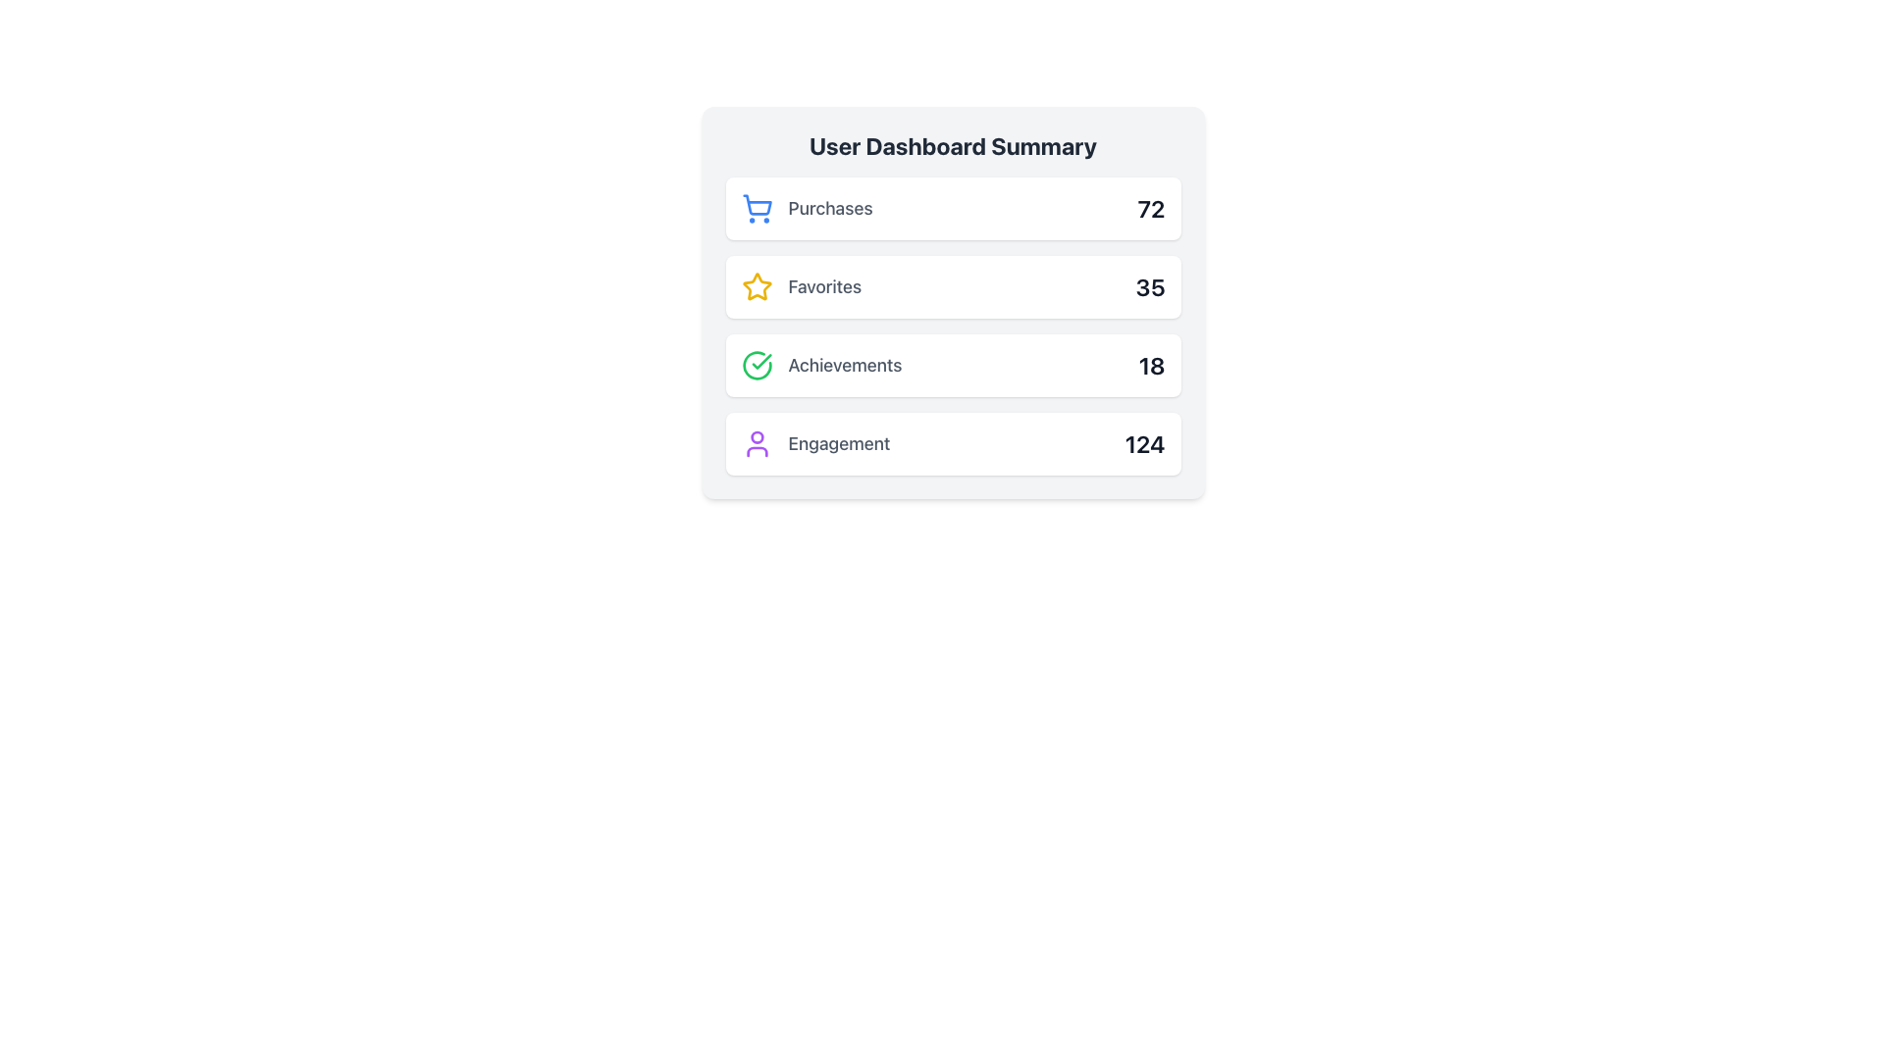  Describe the element at coordinates (756, 208) in the screenshot. I see `the blue shopping cart icon located in the first row of the dashboard, adjacent to the 'Purchases' label` at that location.